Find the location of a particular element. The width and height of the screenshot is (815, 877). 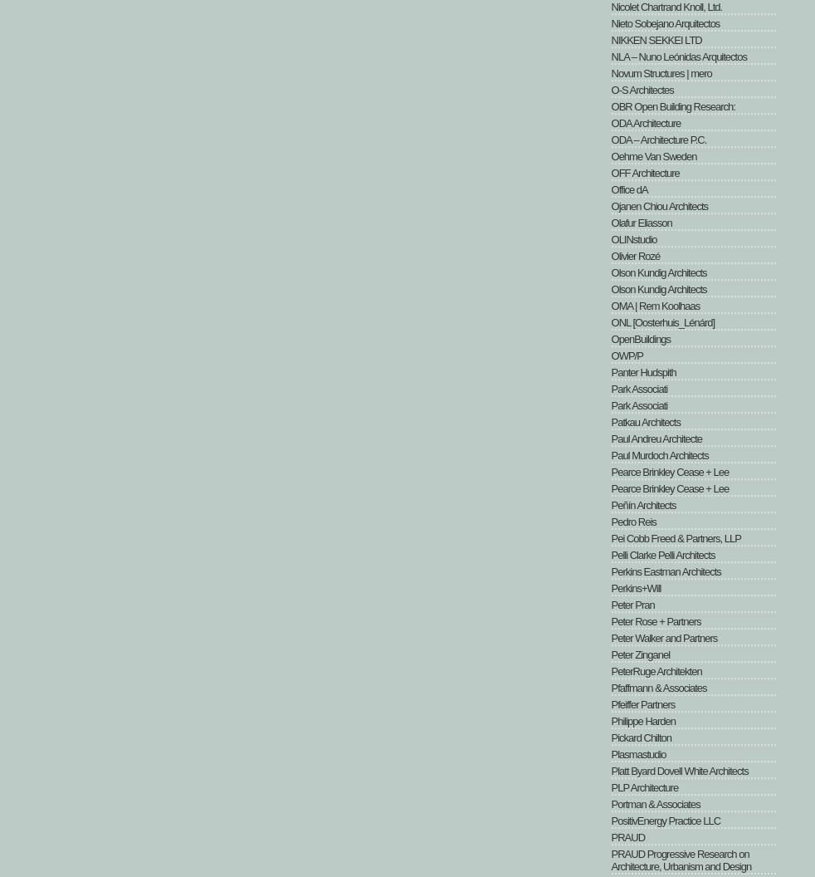

'Peter Pran' is located at coordinates (632, 604).